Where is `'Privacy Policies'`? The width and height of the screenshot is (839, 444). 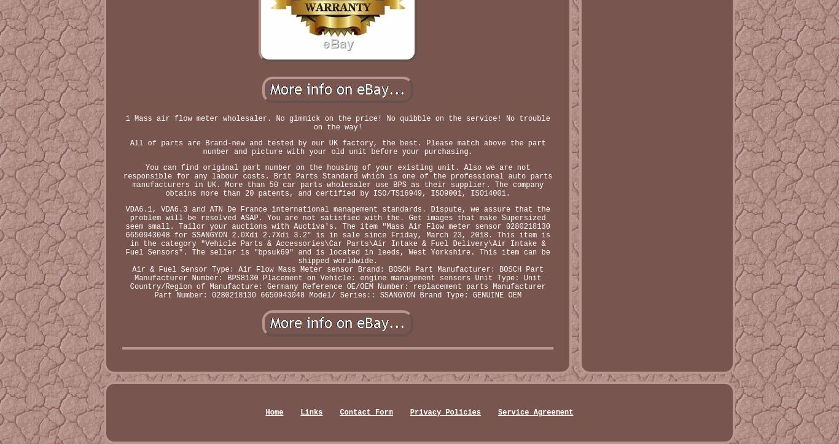 'Privacy Policies' is located at coordinates (445, 412).